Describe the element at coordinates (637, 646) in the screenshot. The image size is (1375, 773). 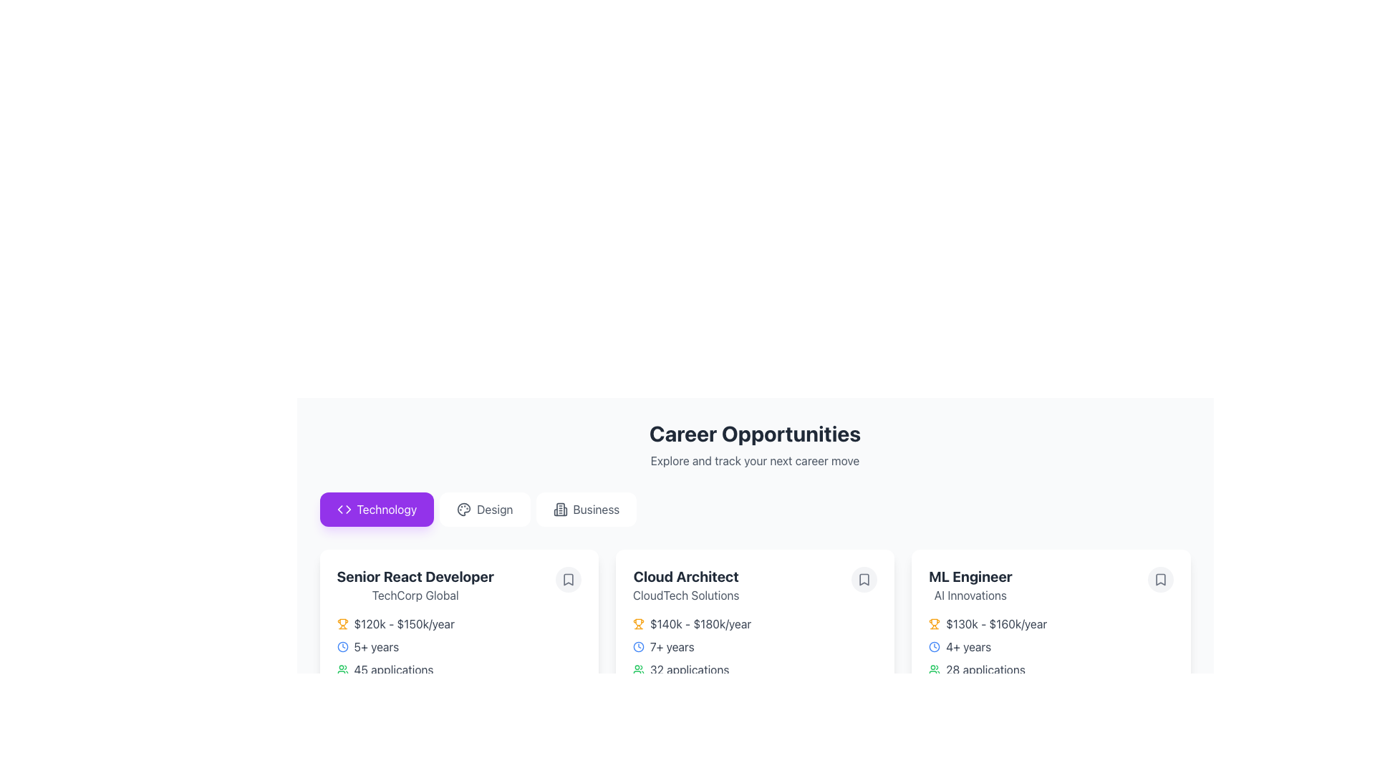
I see `the circular base of the clock icon located near the title 'Cloud Architect' under the Career Opportunities section` at that location.